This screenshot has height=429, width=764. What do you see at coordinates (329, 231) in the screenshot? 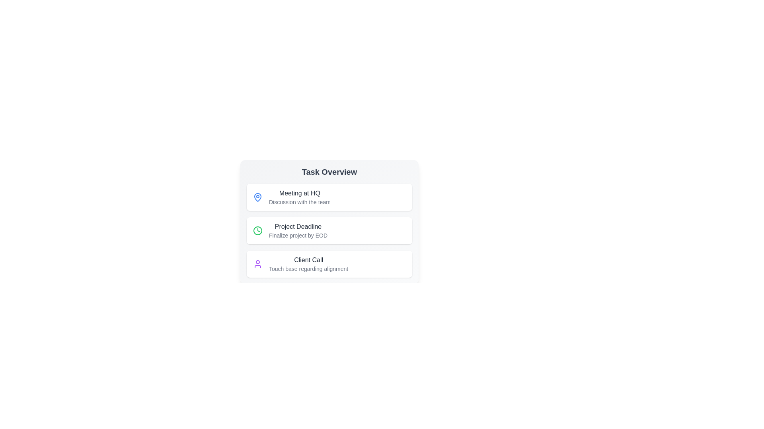
I see `the list item corresponding to Project Deadline` at bounding box center [329, 231].